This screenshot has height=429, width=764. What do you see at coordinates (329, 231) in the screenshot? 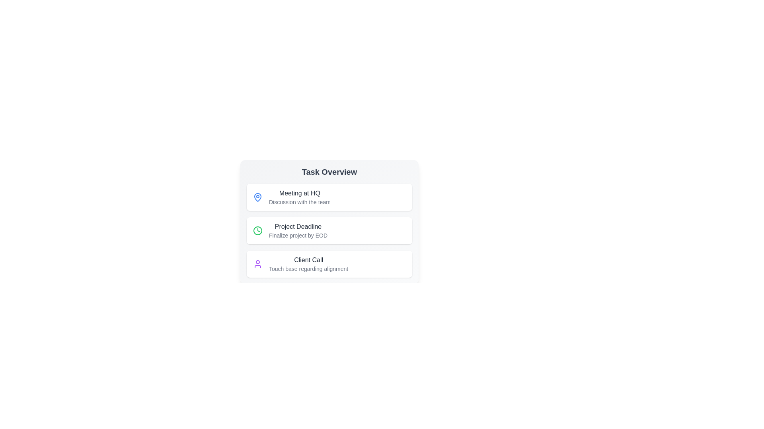
I see `the list item corresponding to Project Deadline` at bounding box center [329, 231].